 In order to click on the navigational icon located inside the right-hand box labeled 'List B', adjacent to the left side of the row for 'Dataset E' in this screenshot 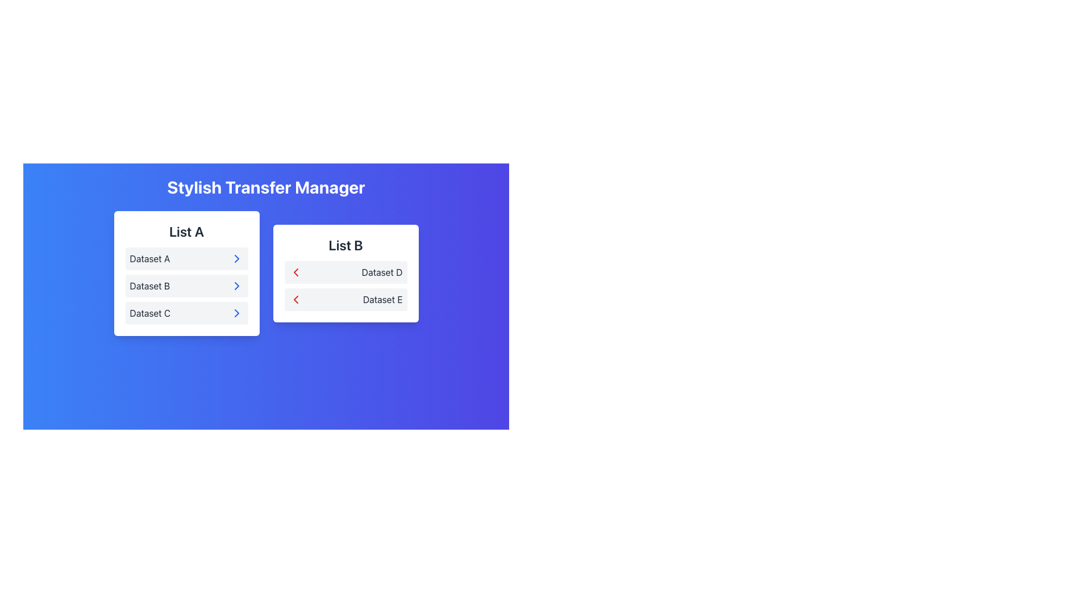, I will do `click(295, 272)`.